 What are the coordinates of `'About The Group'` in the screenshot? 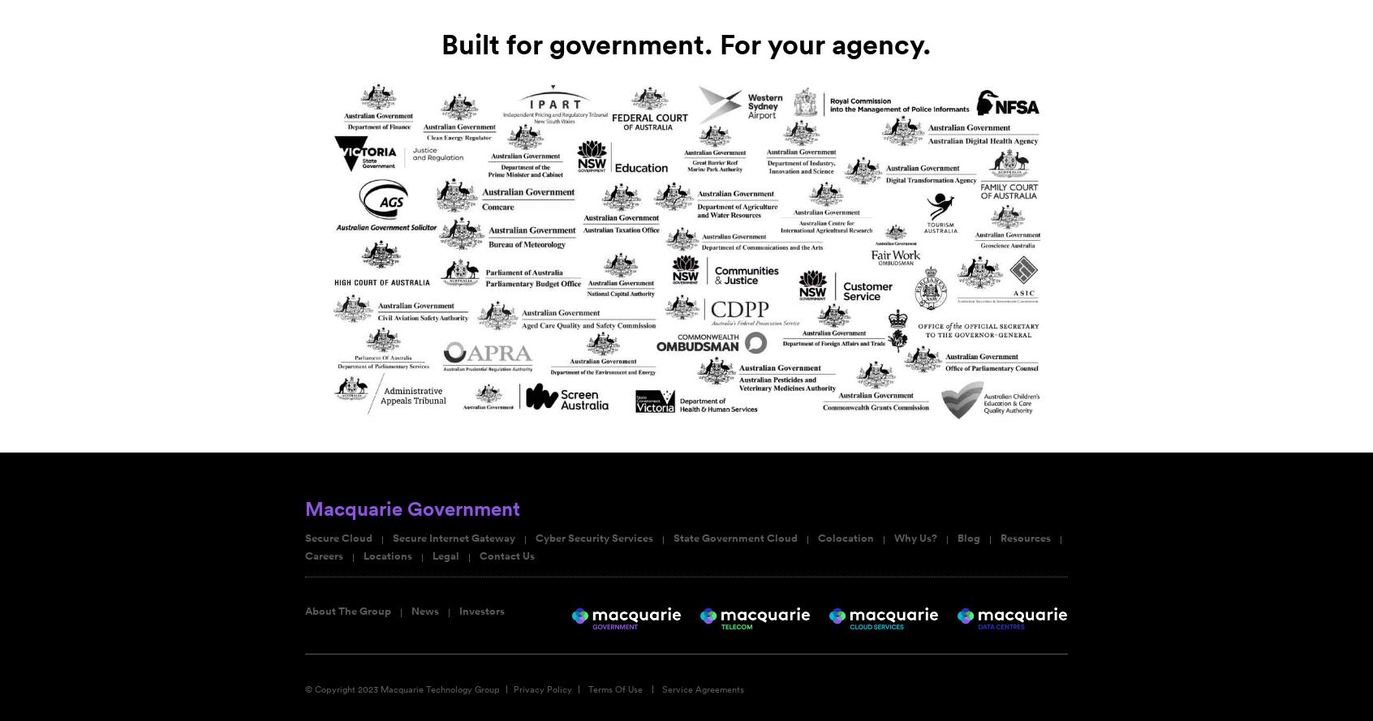 It's located at (346, 610).